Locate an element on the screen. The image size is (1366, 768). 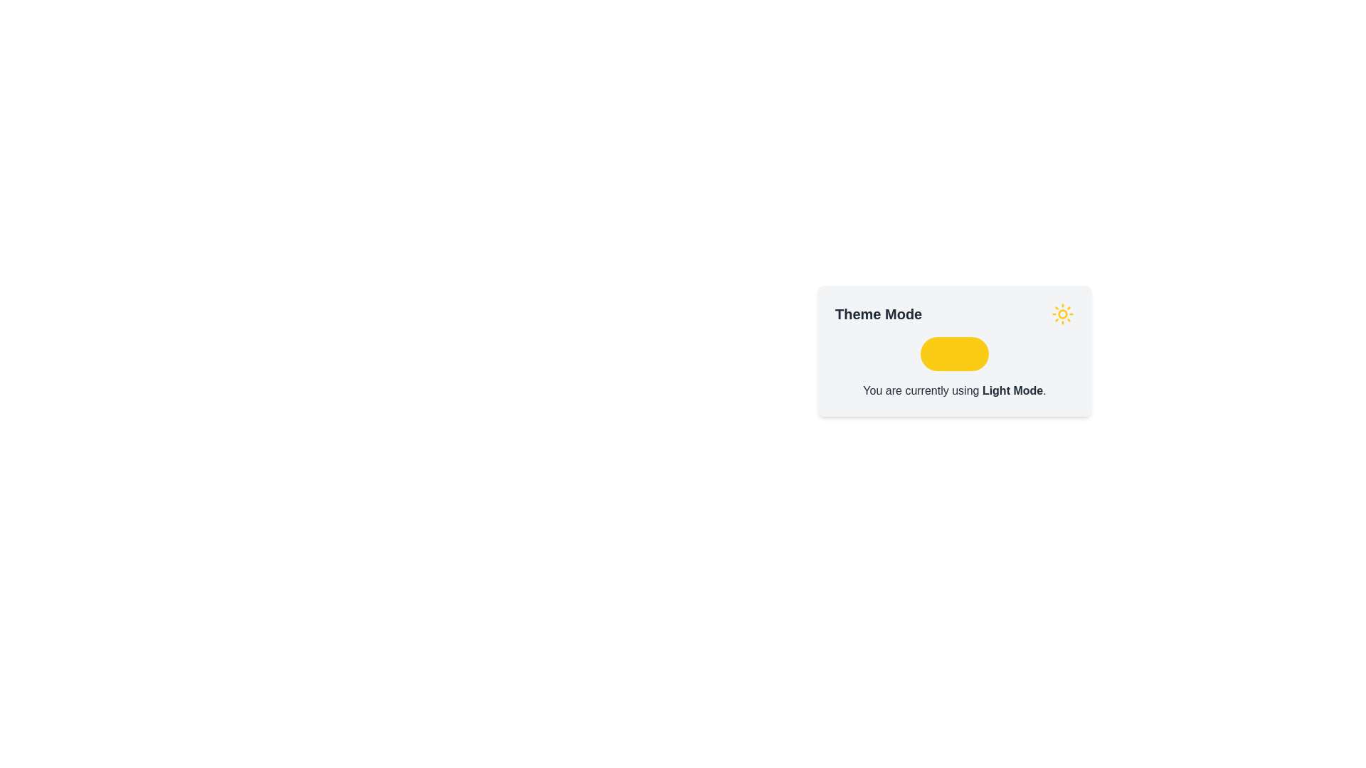
the yellow toggle button within the 'Theme Mode' section is located at coordinates (955, 351).